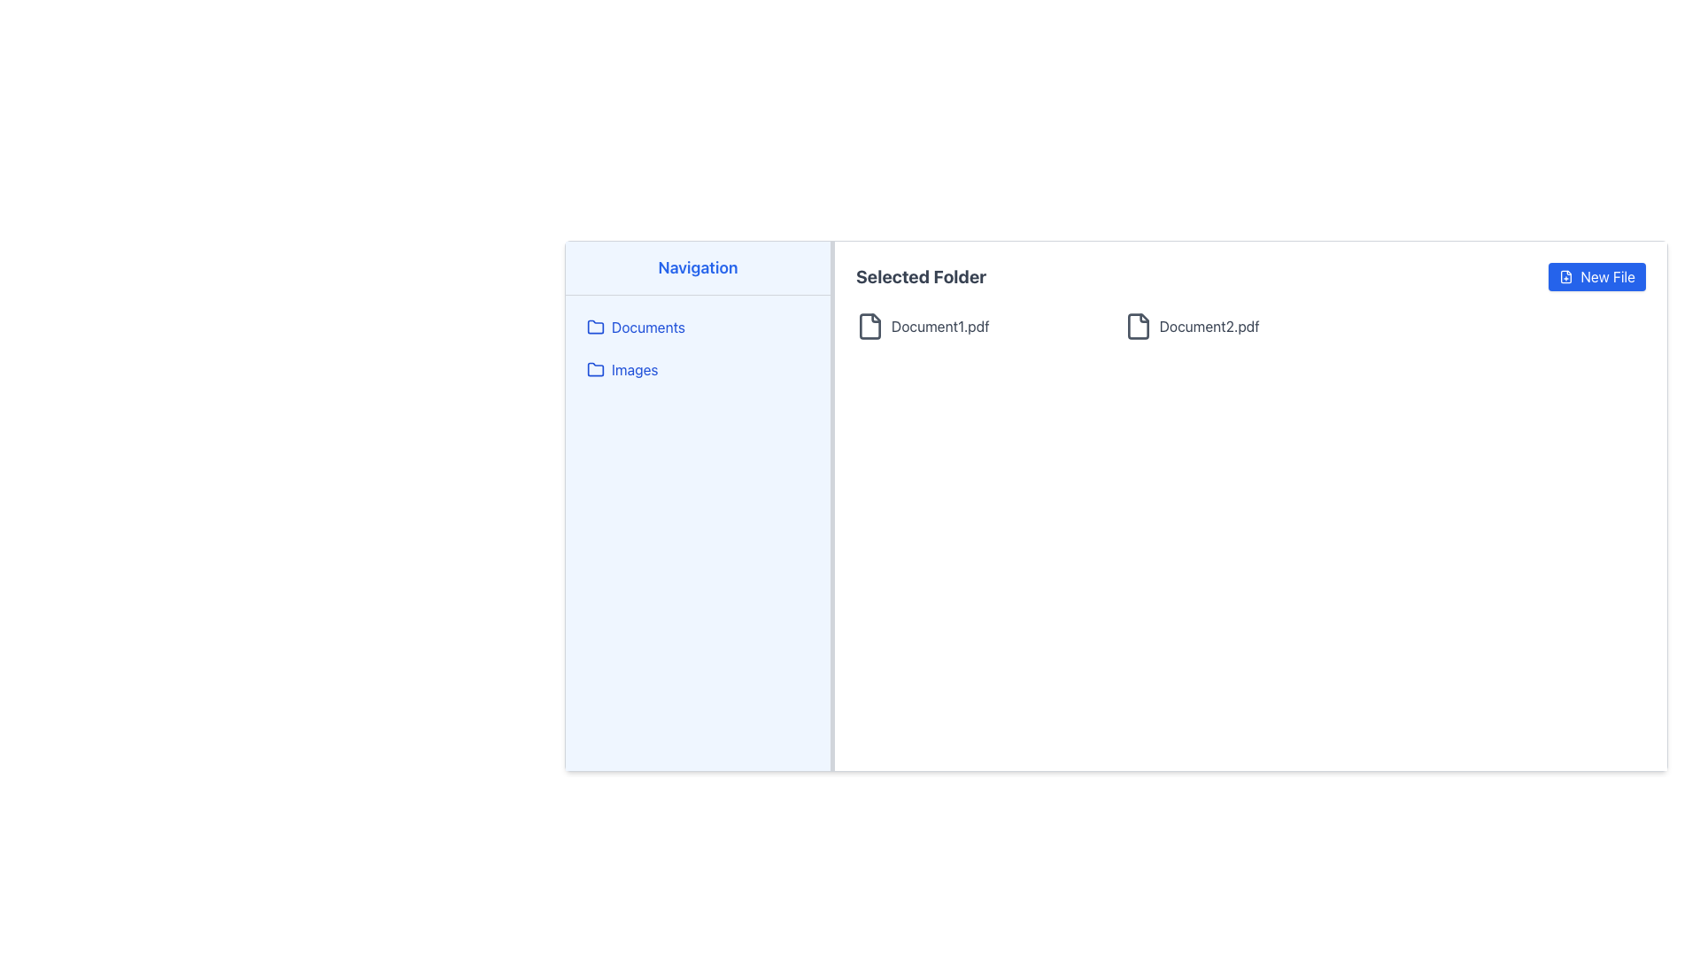 This screenshot has width=1700, height=956. Describe the element at coordinates (697, 368) in the screenshot. I see `the 'Images' button in the vertical navigation menu located in the sidebar` at that location.